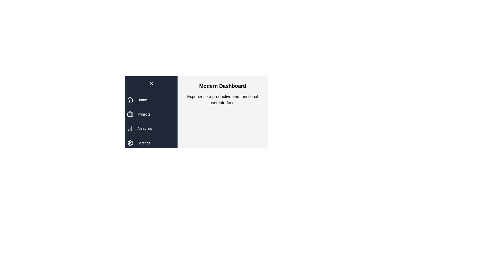 Image resolution: width=494 pixels, height=278 pixels. I want to click on the navigation item Analytics to navigate to the corresponding section, so click(144, 128).